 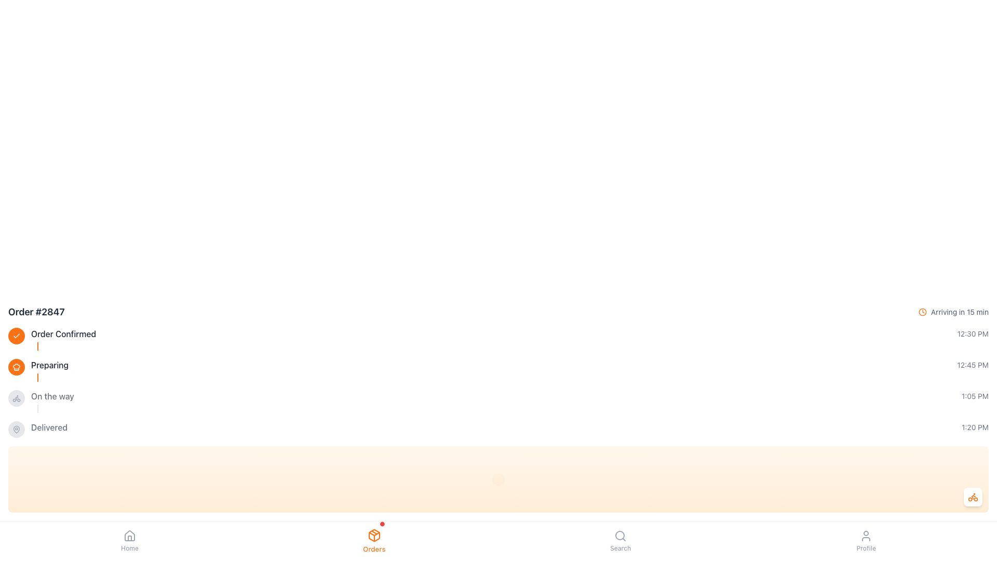 I want to click on the Notification badge or status marker located slightly above the 'Orders' section icon in the bottom navigation bar, so click(x=382, y=524).